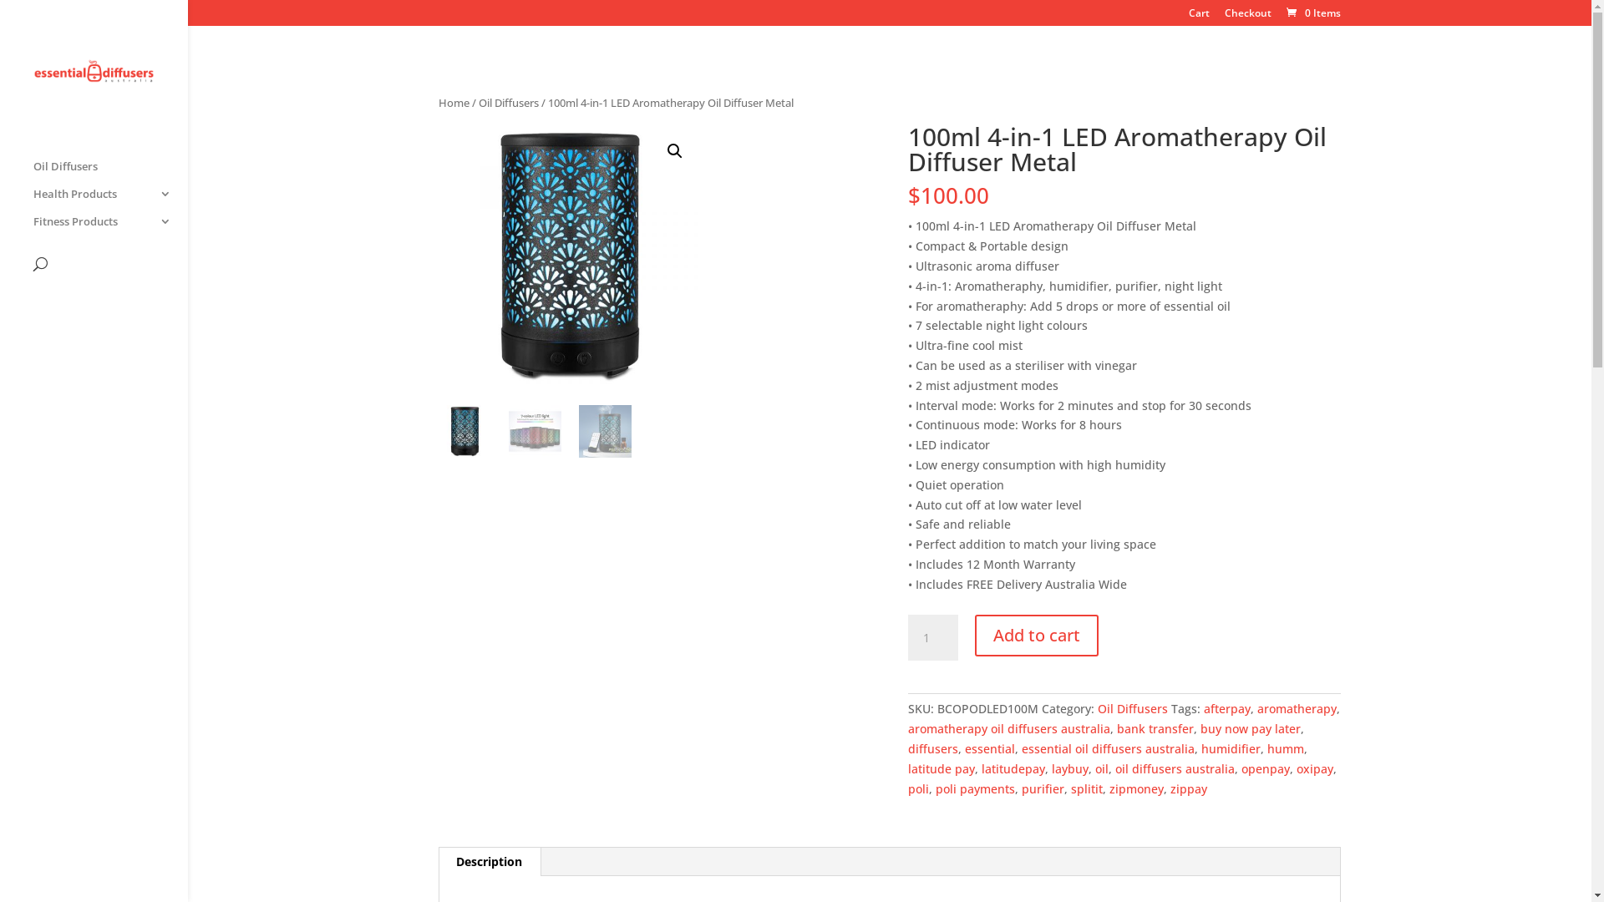 The height and width of the screenshot is (902, 1604). I want to click on 'Description', so click(437, 862).